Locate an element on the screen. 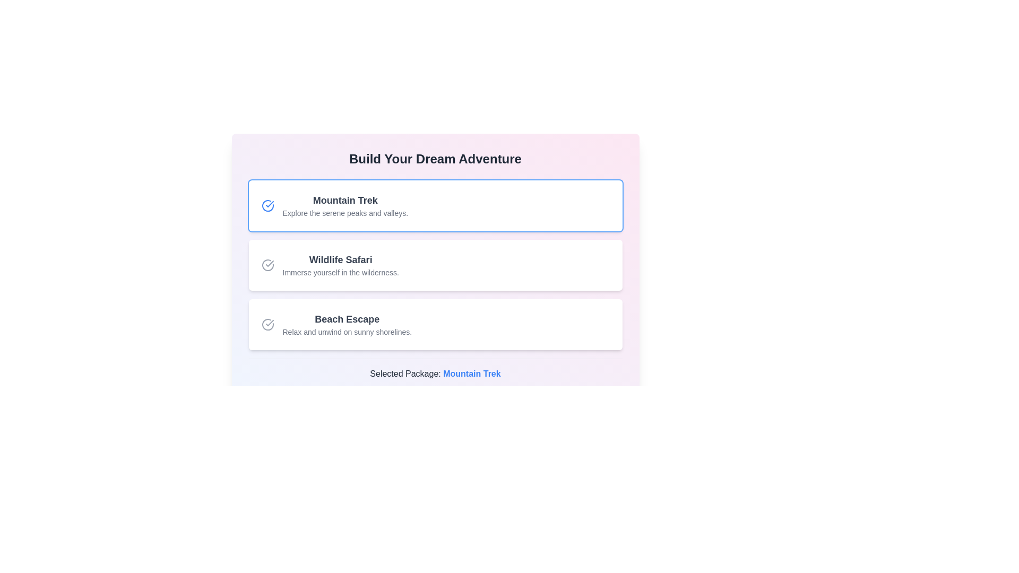  text display showing 'Selected Package: Mountain Trek', which is located at the bottom of the interface under the package options is located at coordinates (435, 374).